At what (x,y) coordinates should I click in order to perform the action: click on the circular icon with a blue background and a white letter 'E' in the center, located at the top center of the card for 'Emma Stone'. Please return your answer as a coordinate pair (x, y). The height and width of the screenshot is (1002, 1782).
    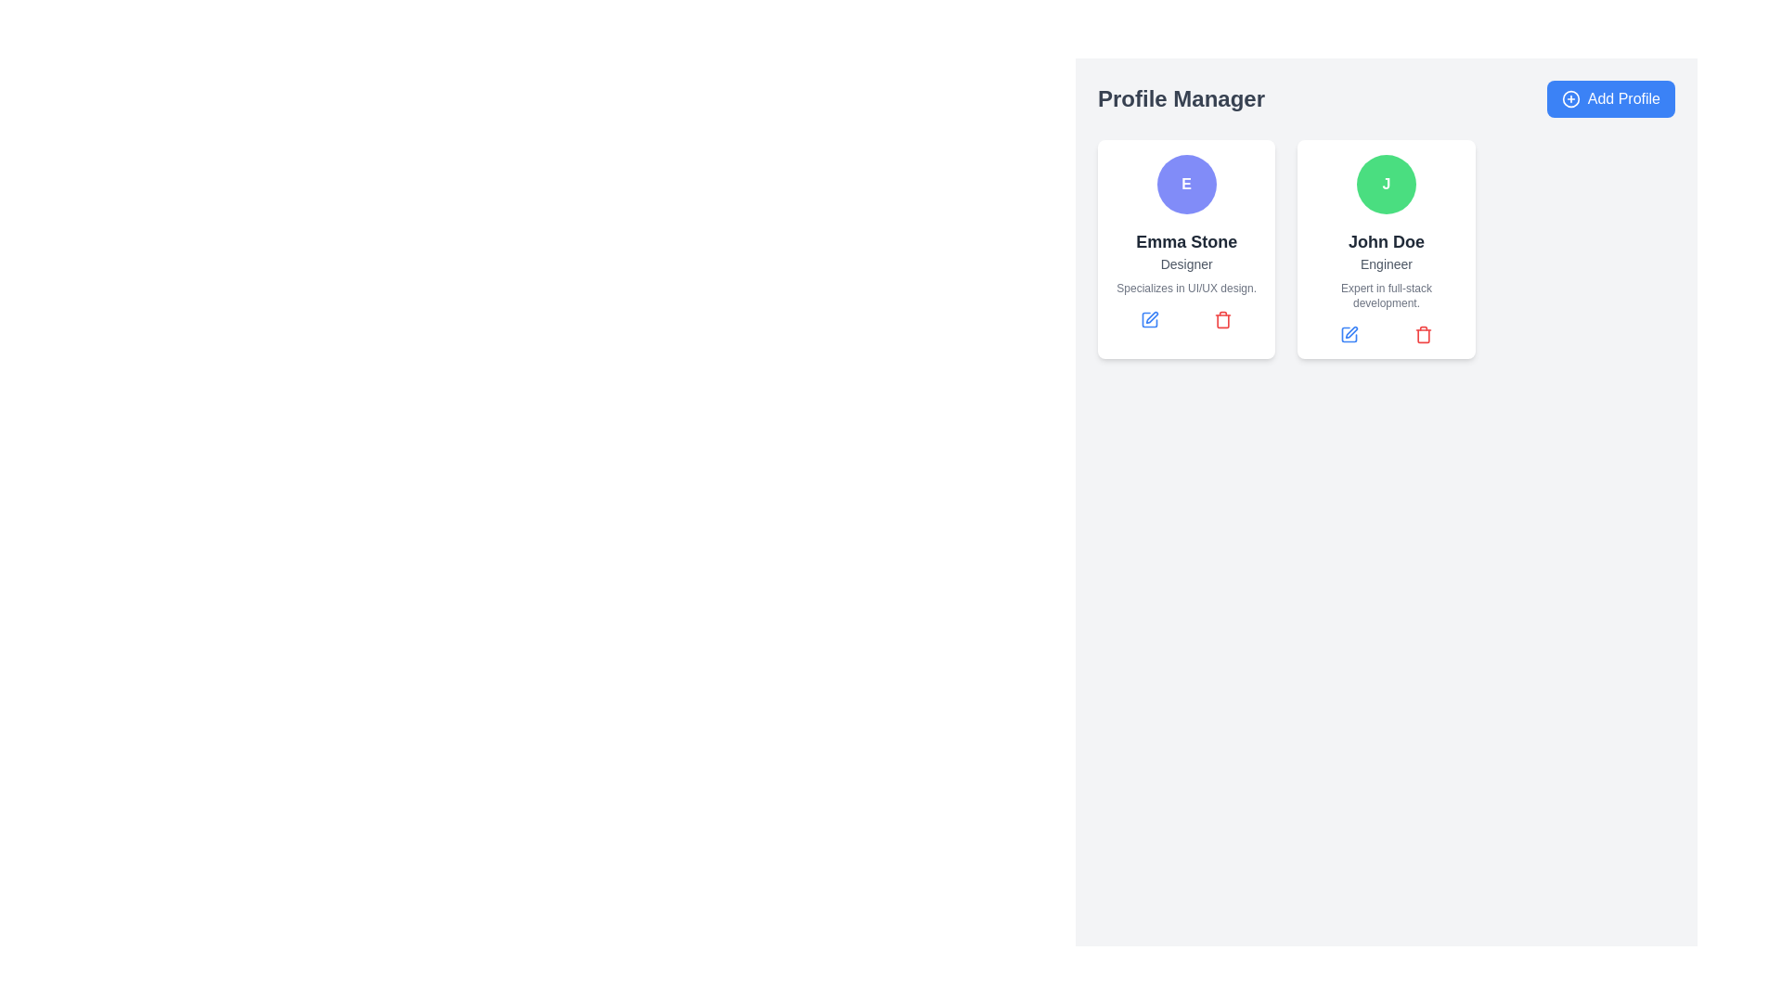
    Looking at the image, I should click on (1185, 185).